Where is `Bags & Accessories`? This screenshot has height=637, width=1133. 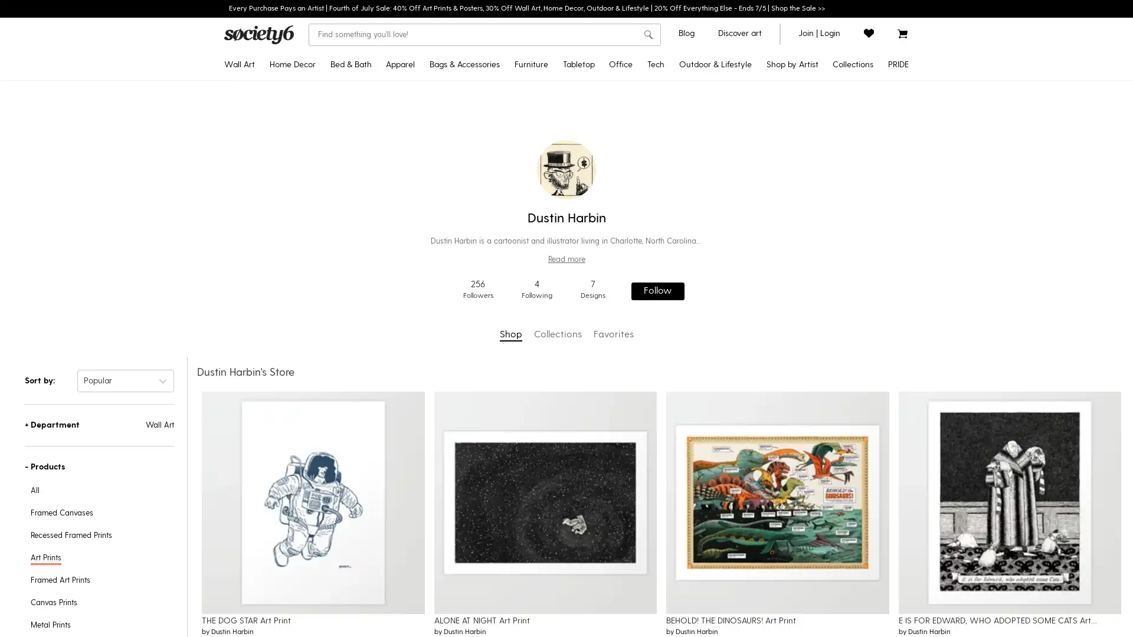 Bags & Accessories is located at coordinates (464, 65).